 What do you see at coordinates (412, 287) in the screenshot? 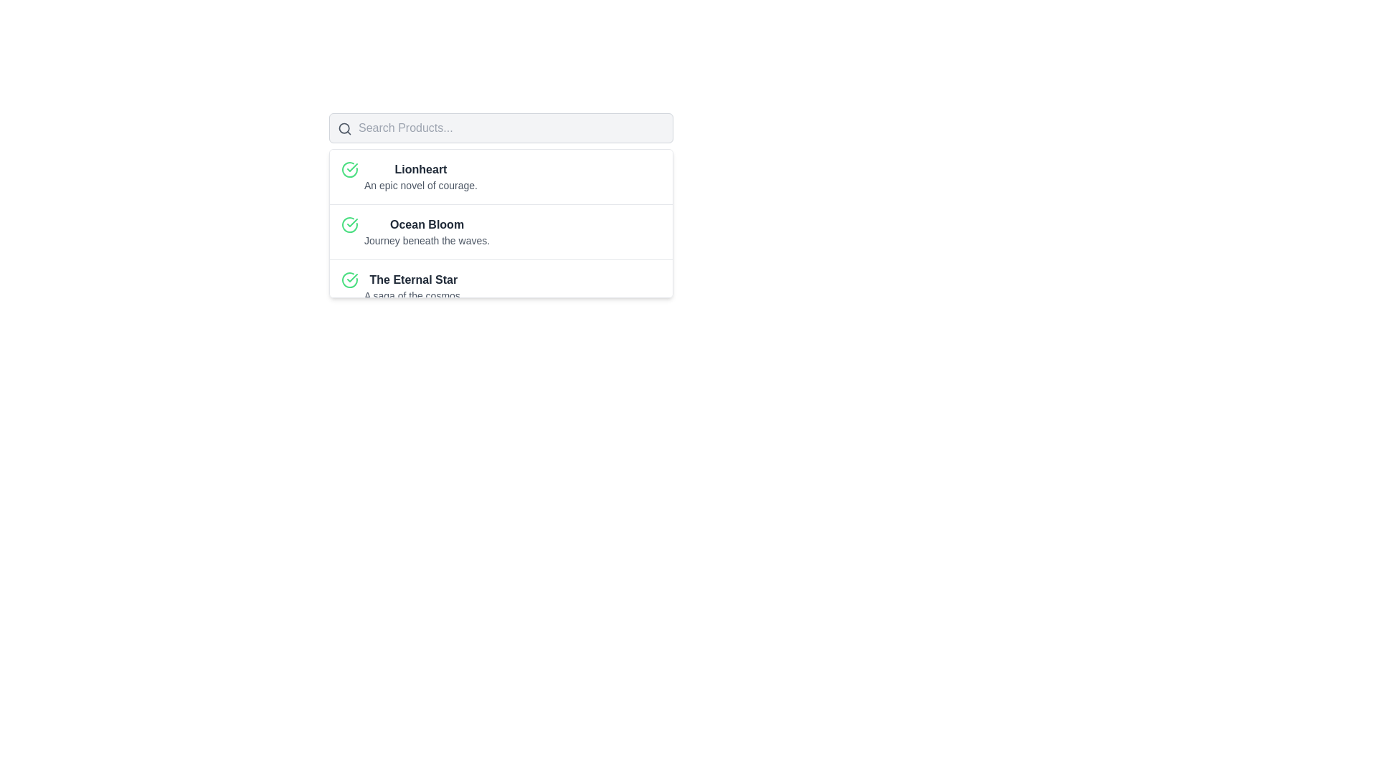
I see `the text block that displays the title and descriptive subtitle of the third listing in a vertical list, located between 'Ocean Bloom' and the next item` at bounding box center [412, 287].